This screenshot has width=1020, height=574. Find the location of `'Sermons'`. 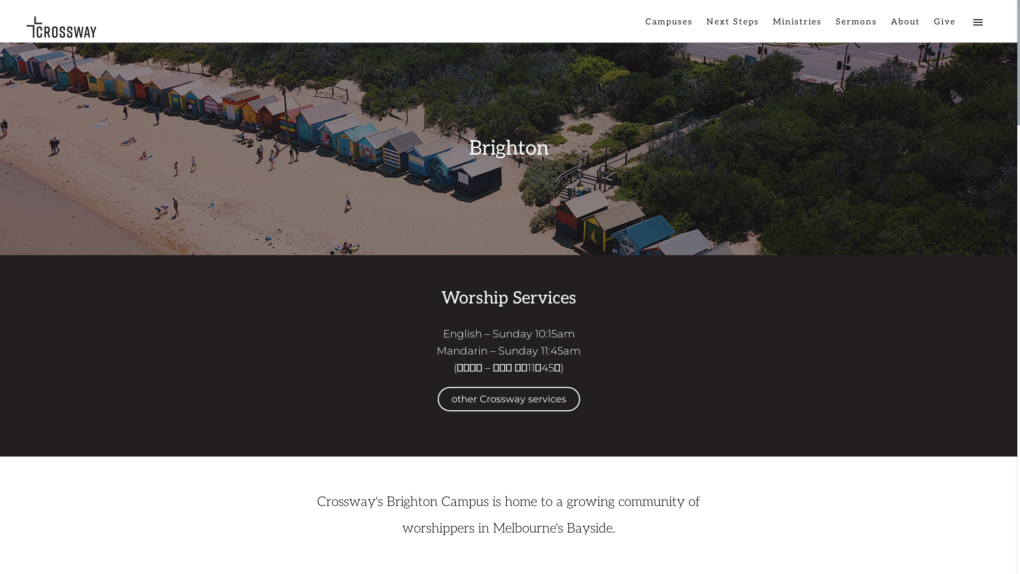

'Sermons' is located at coordinates (856, 26).